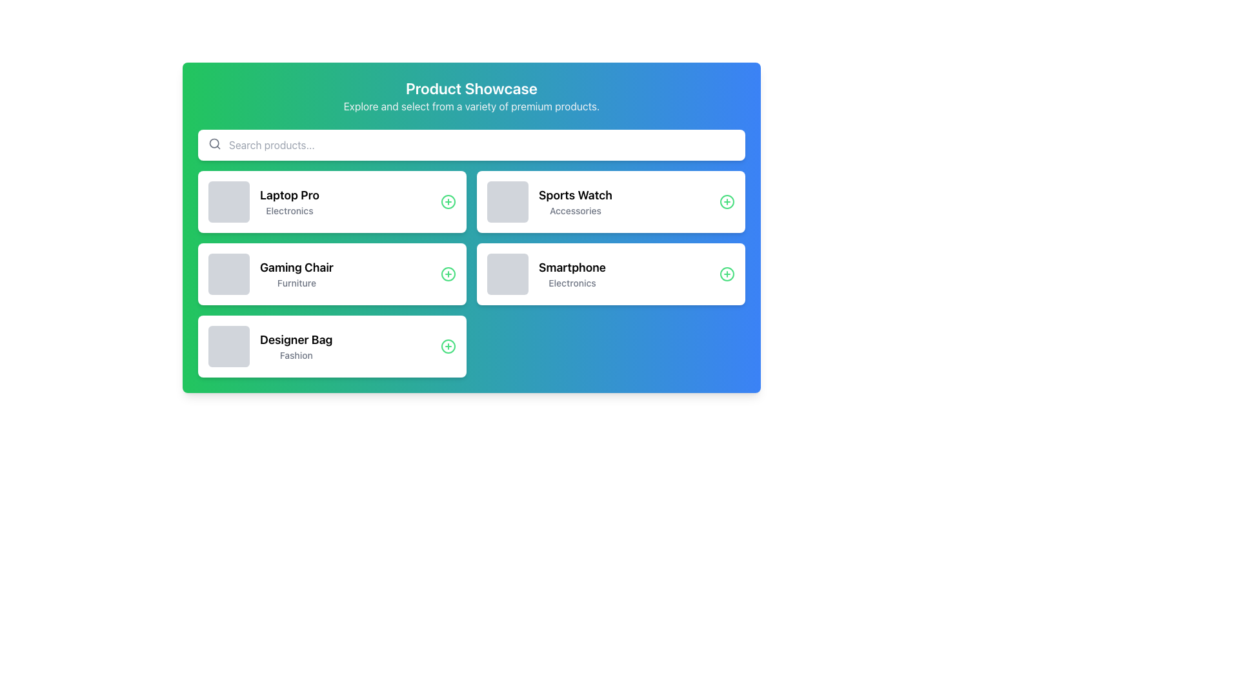 The image size is (1239, 697). I want to click on the text label that categorizes or describes the item 'Laptop Pro', which is located directly below the corresponding text label within the top-left section of the interface, so click(288, 210).